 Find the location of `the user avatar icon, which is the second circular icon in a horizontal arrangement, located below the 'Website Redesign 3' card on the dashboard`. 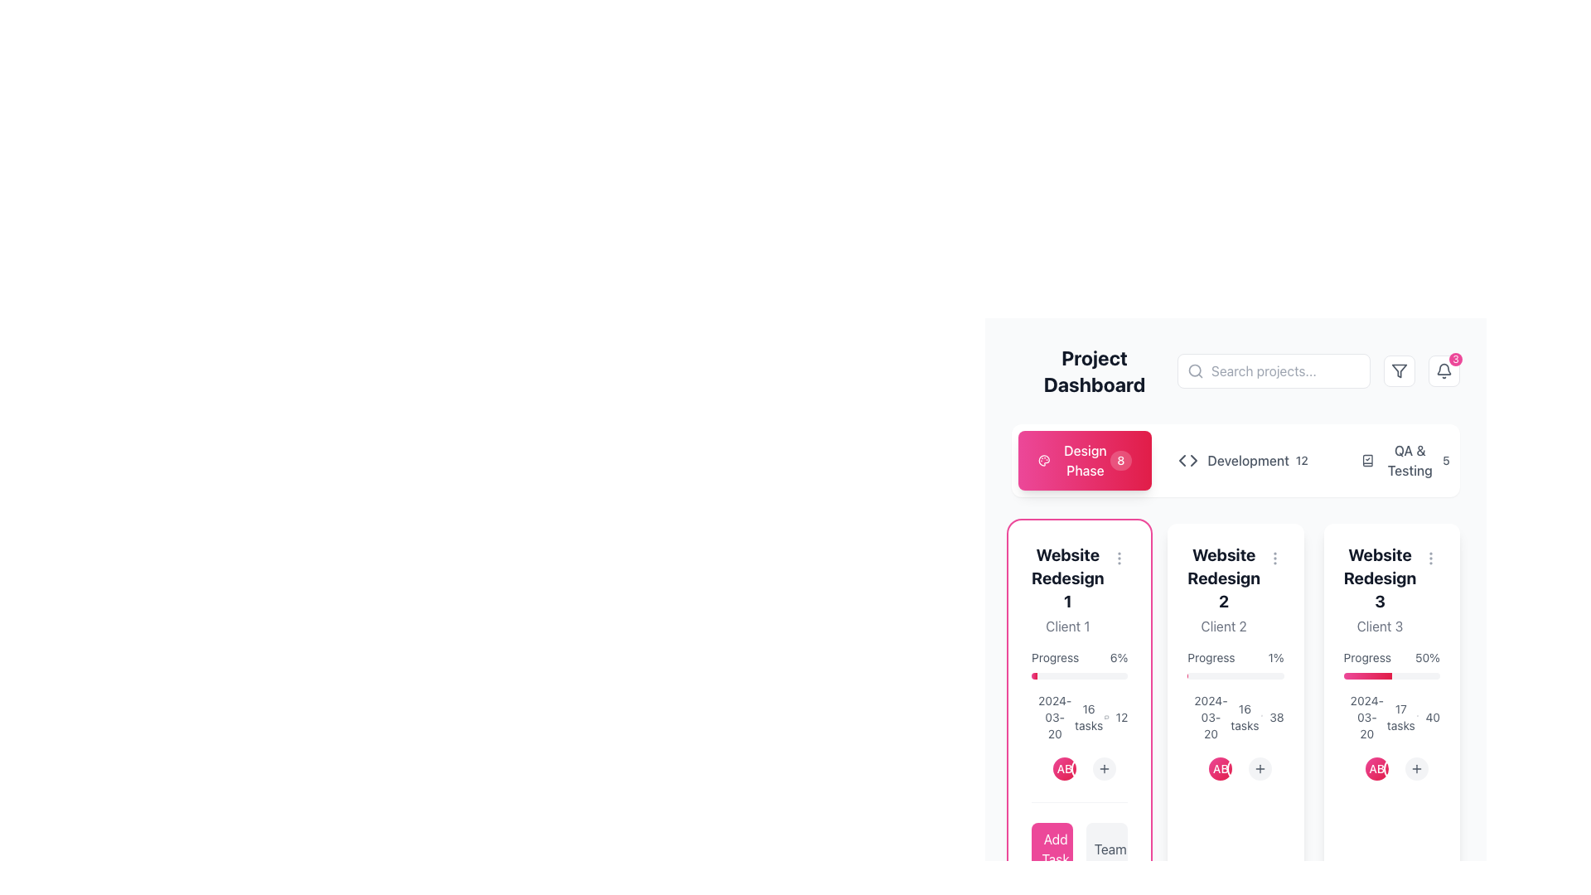

the user avatar icon, which is the second circular icon in a horizontal arrangement, located below the 'Website Redesign 3' card on the dashboard is located at coordinates (1065, 769).